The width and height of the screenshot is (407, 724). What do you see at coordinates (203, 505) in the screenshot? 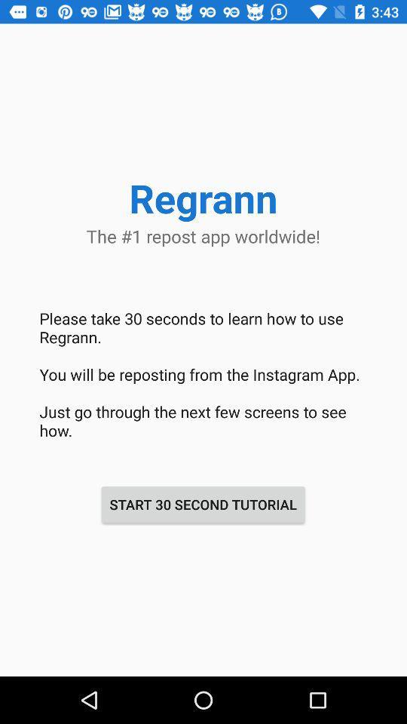
I see `start 30 second item` at bounding box center [203, 505].